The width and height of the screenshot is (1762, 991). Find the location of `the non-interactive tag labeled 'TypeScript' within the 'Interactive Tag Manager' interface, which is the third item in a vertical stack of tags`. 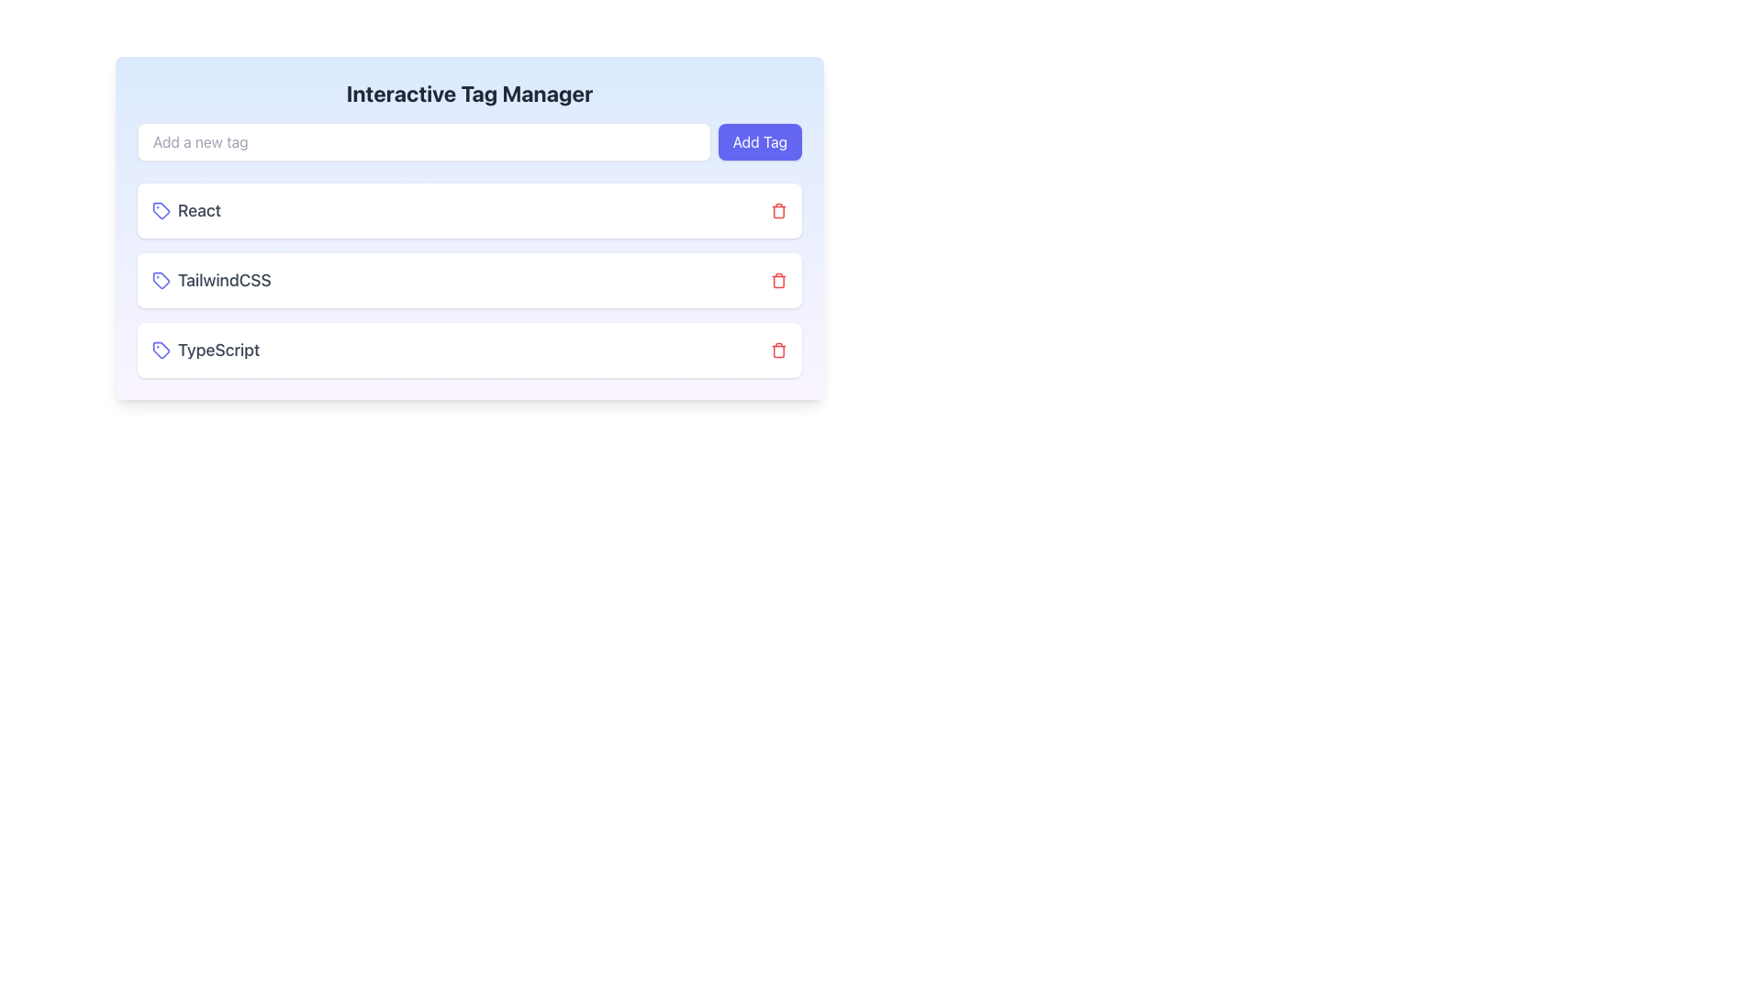

the non-interactive tag labeled 'TypeScript' within the 'Interactive Tag Manager' interface, which is the third item in a vertical stack of tags is located at coordinates (470, 350).